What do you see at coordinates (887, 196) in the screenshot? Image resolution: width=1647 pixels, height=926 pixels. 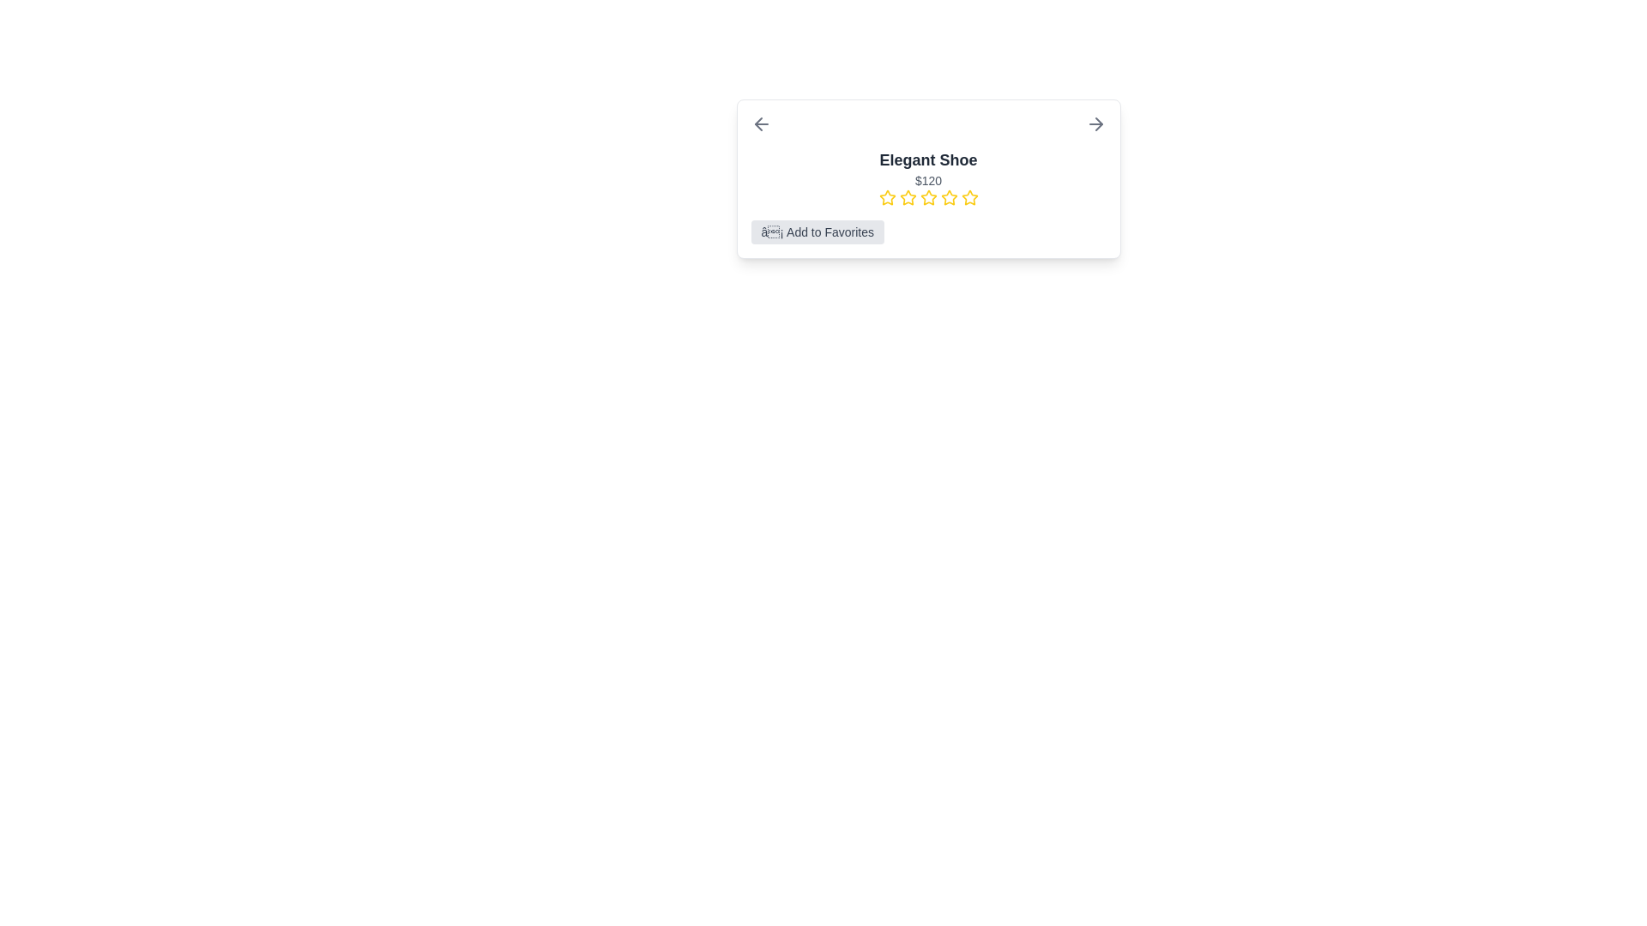 I see `the first star-shaped rating icon, which is yellow with a hollow center, located under the price '$120'` at bounding box center [887, 196].